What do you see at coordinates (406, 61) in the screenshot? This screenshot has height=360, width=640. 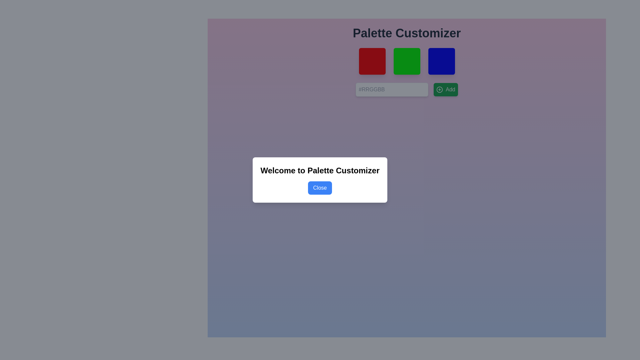 I see `the green square tile with rounded edges located between the red tile and blue tile, below the 'Palette Customizer' title` at bounding box center [406, 61].